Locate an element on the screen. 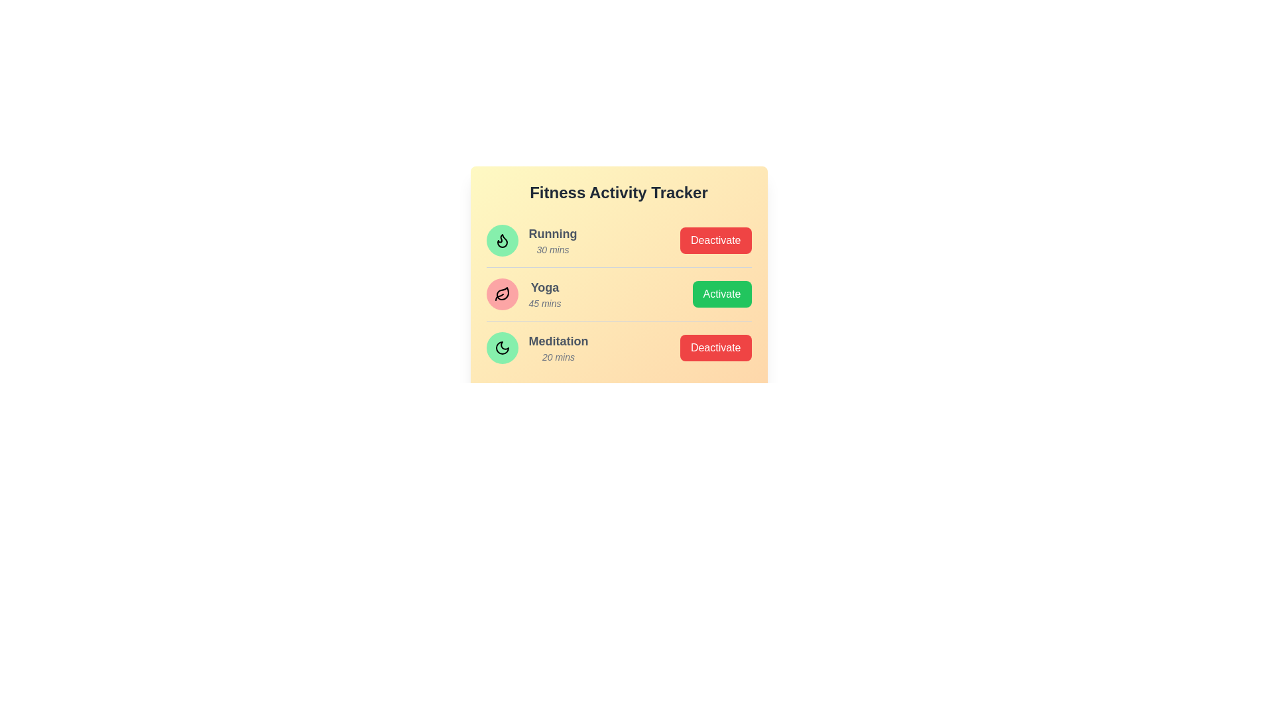  button to toggle the status of the activity Yoga is located at coordinates (721, 293).